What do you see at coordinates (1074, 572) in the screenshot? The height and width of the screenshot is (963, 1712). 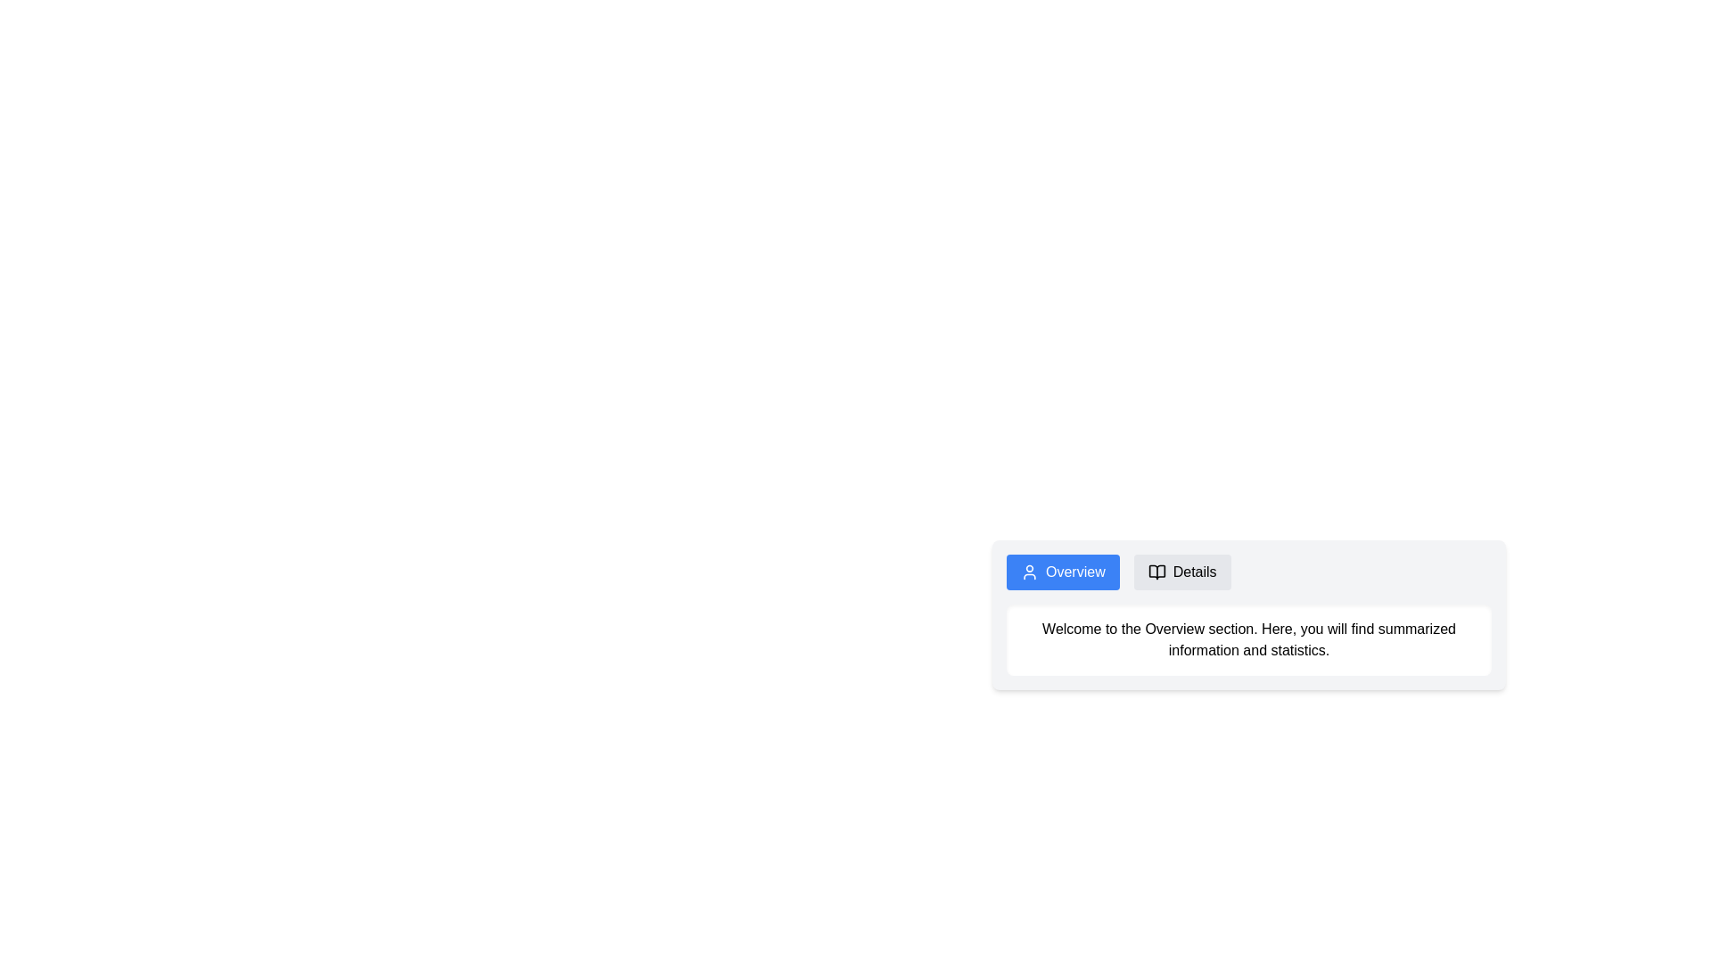 I see `the 'Overview' button's text label` at bounding box center [1074, 572].